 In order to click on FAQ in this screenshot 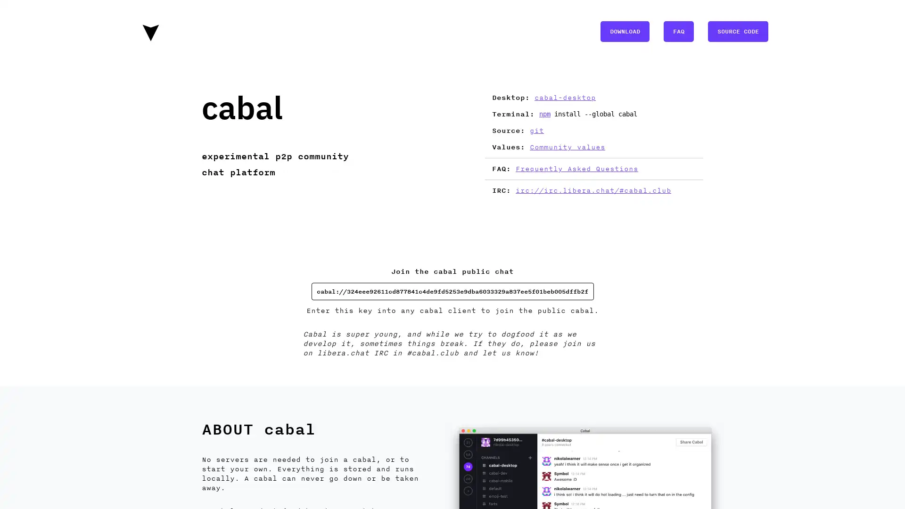, I will do `click(679, 30)`.